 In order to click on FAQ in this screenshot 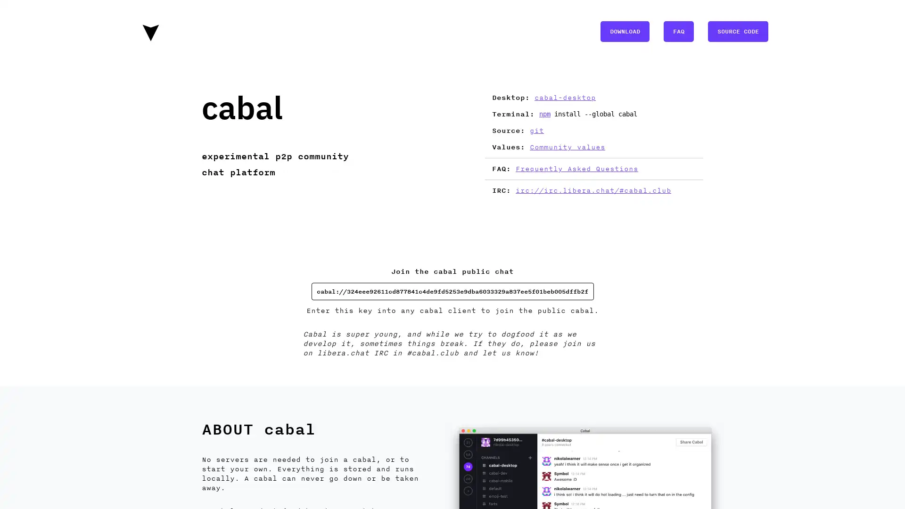, I will do `click(679, 30)`.